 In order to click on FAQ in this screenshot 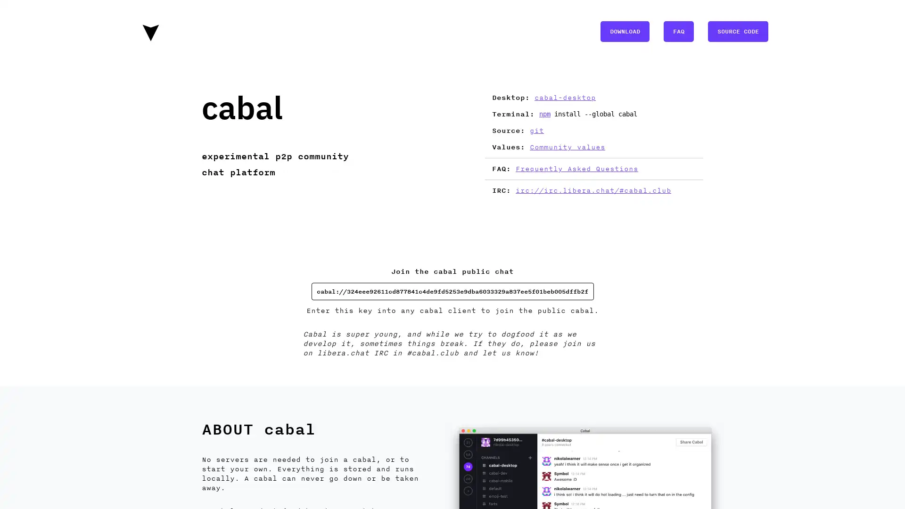, I will do `click(679, 30)`.